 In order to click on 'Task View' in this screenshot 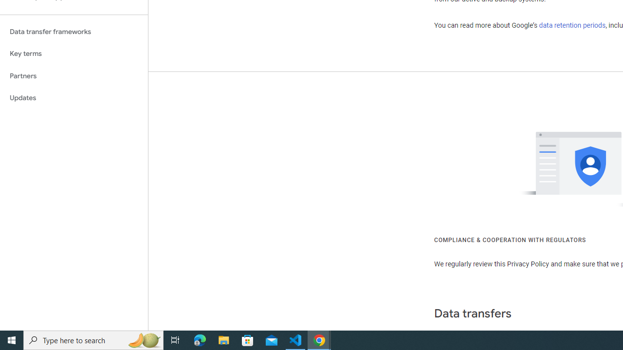, I will do `click(175, 339)`.